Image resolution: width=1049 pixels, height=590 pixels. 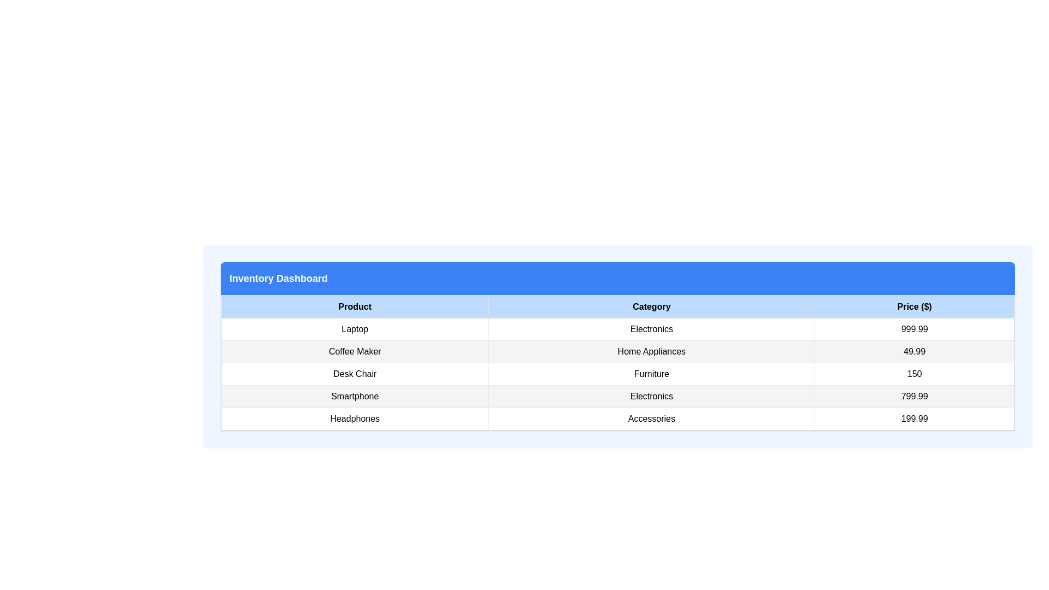 What do you see at coordinates (915, 307) in the screenshot?
I see `the 'Price ($)' column header in the table, which is the third column header located at the top-right corner of the table` at bounding box center [915, 307].